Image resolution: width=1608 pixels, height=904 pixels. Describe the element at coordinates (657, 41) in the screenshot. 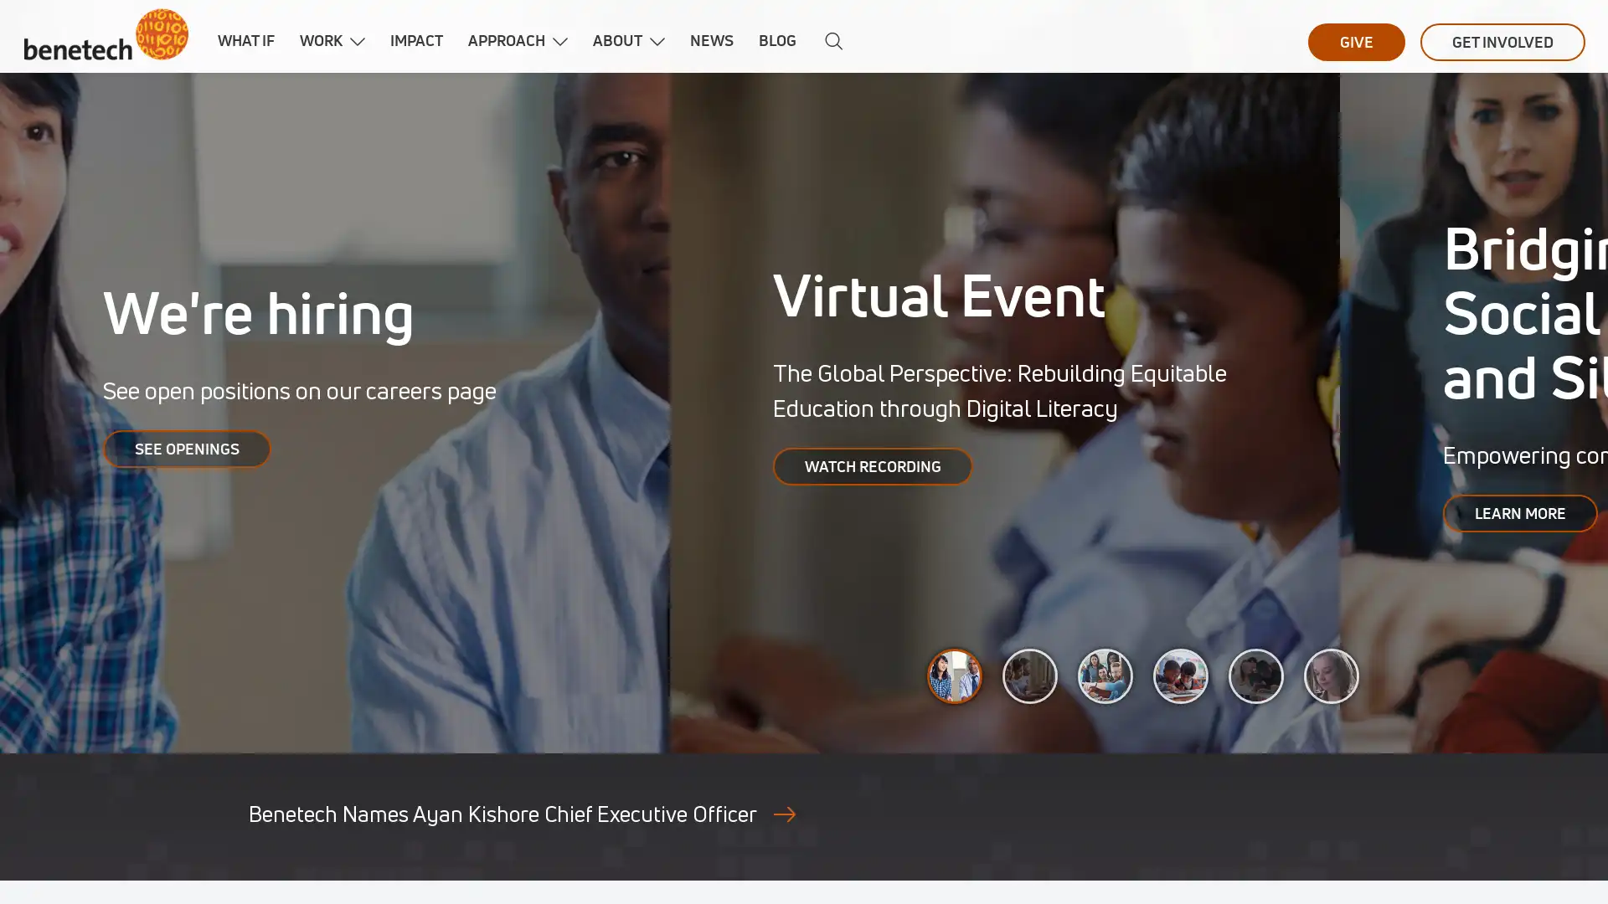

I see `Show dropdown menu for About` at that location.